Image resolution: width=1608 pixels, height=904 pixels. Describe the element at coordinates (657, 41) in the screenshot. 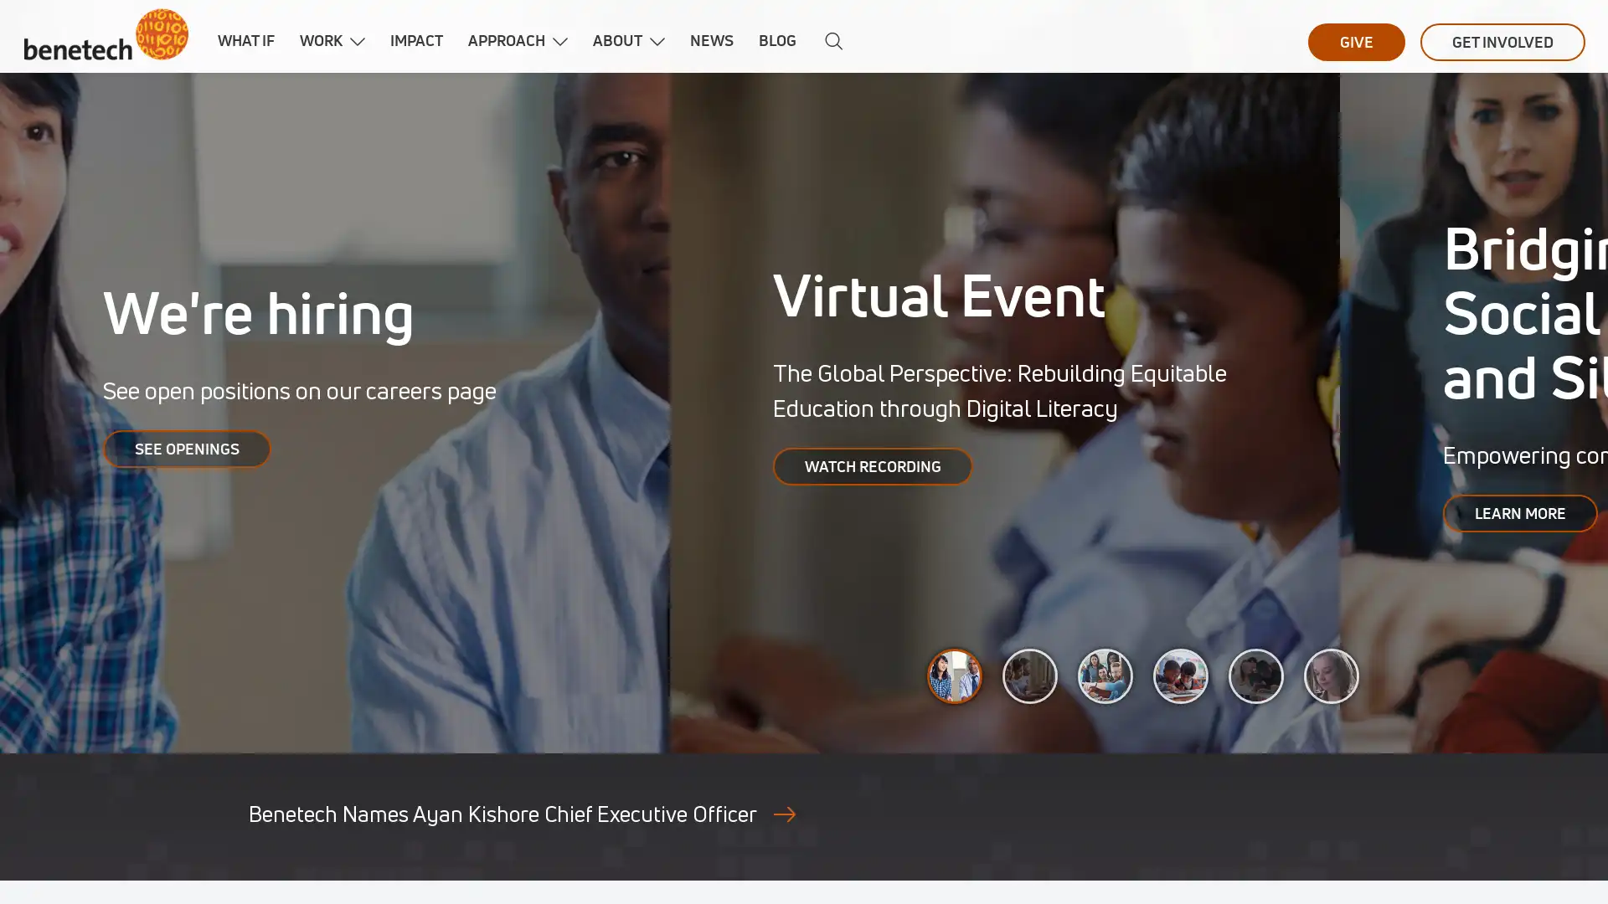

I see `Show dropdown menu for About` at that location.